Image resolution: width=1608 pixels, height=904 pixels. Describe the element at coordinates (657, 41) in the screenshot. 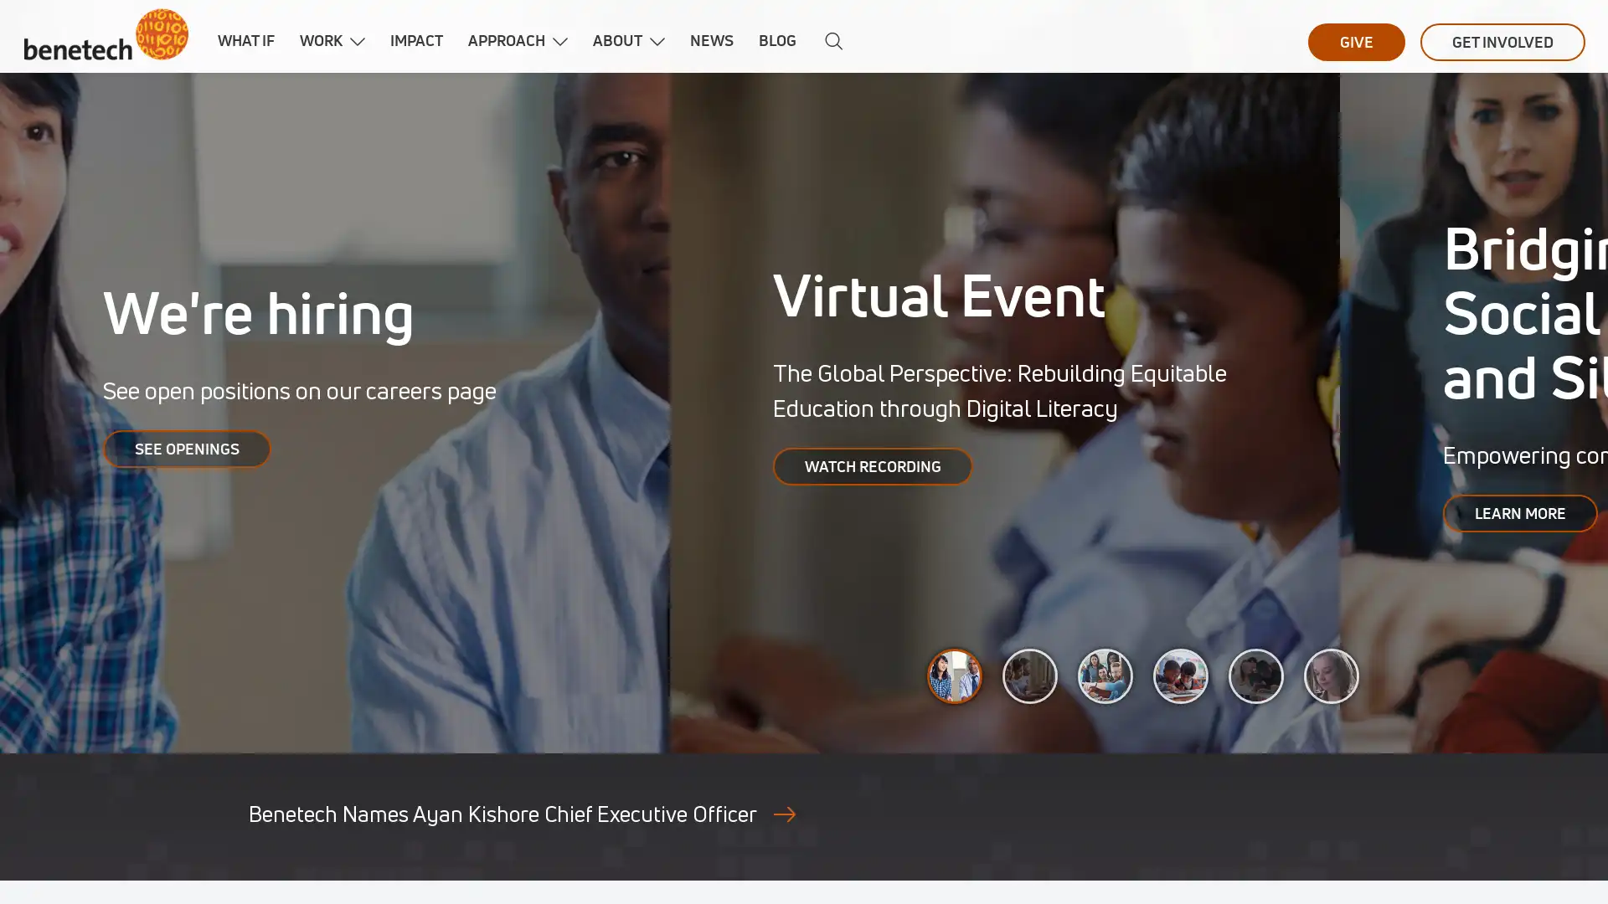

I see `Show dropdown menu for About` at that location.